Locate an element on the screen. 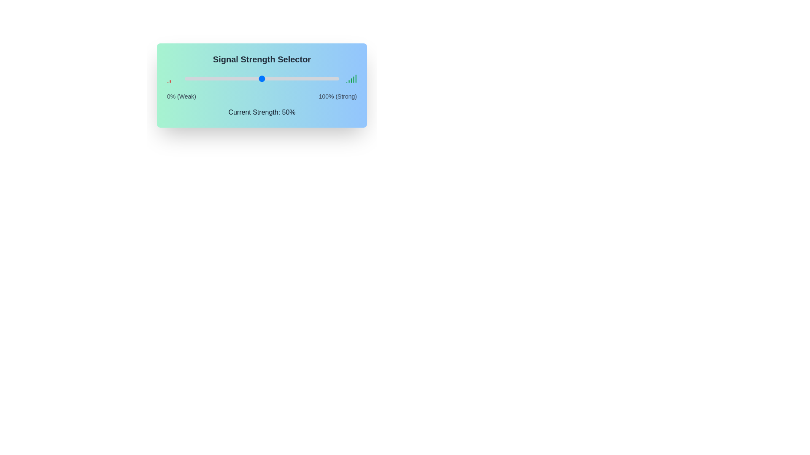 The image size is (810, 455). the signal strength slider to 56% to observe the visual signal strength indicators is located at coordinates (271, 78).